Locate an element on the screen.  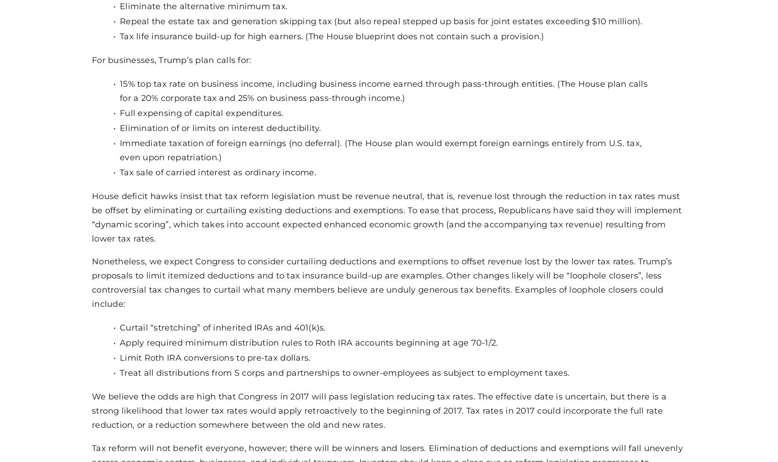
'Elimination of or limits on interest deductibility.' is located at coordinates (220, 127).